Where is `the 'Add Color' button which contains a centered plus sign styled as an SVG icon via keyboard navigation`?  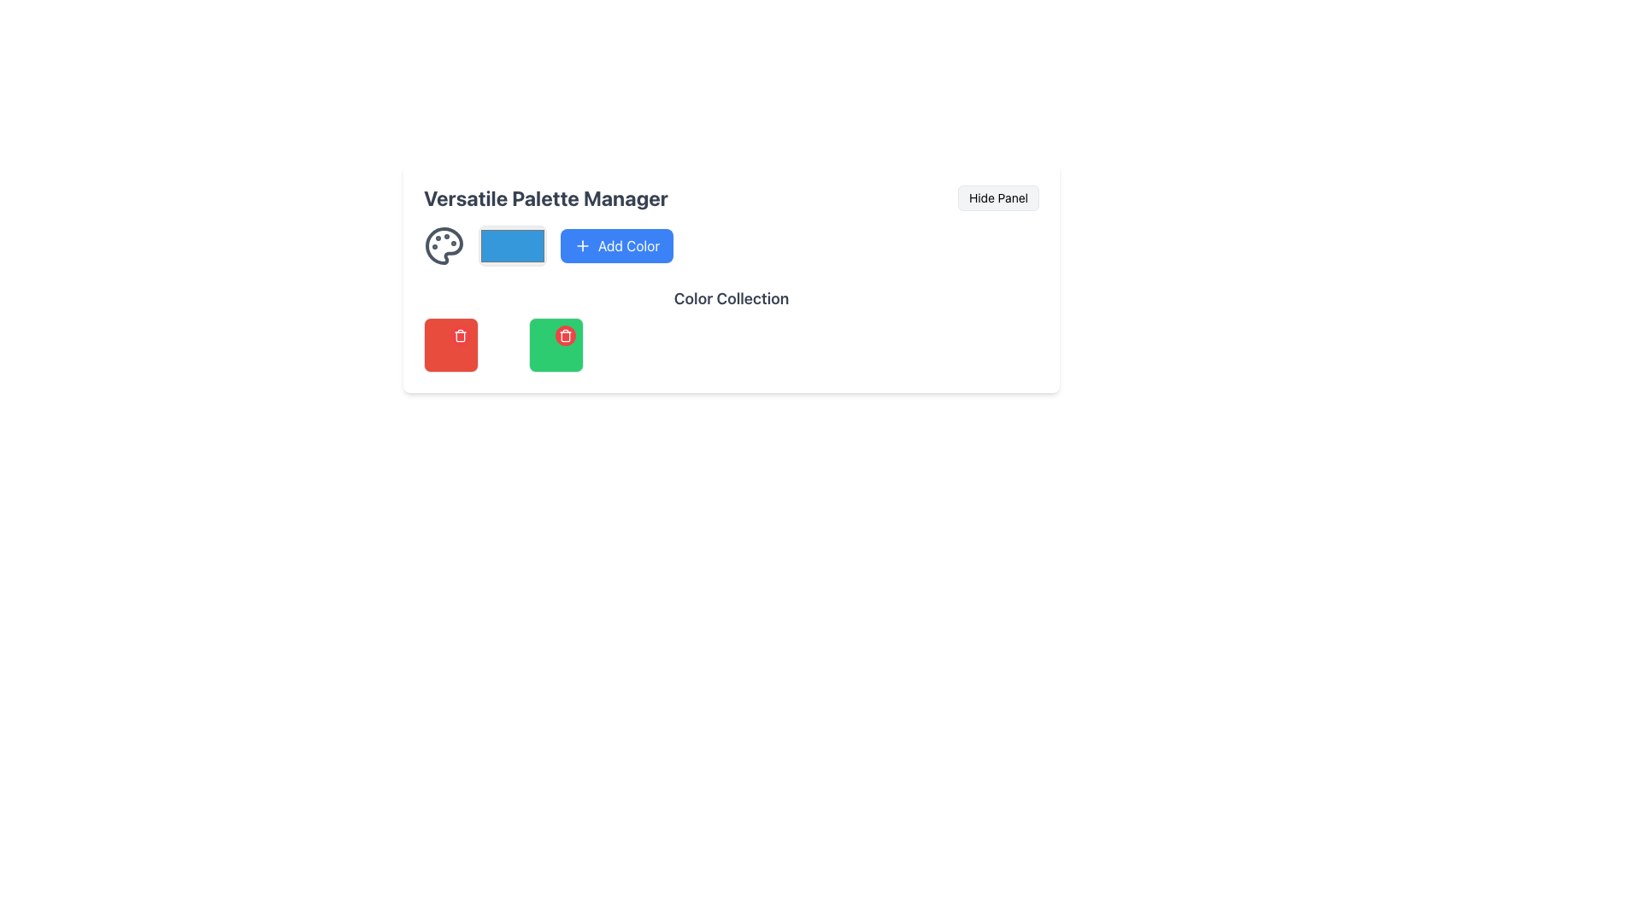 the 'Add Color' button which contains a centered plus sign styled as an SVG icon via keyboard navigation is located at coordinates (582, 246).